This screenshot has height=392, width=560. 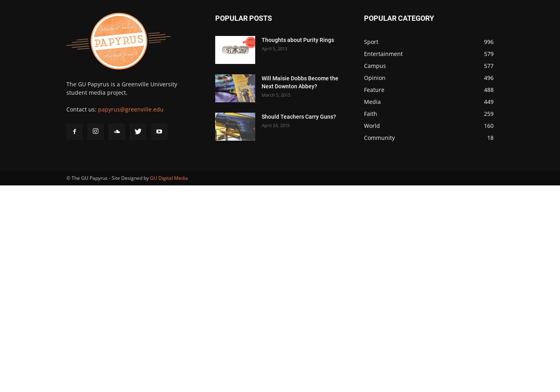 I want to click on 'Faith', so click(x=370, y=113).